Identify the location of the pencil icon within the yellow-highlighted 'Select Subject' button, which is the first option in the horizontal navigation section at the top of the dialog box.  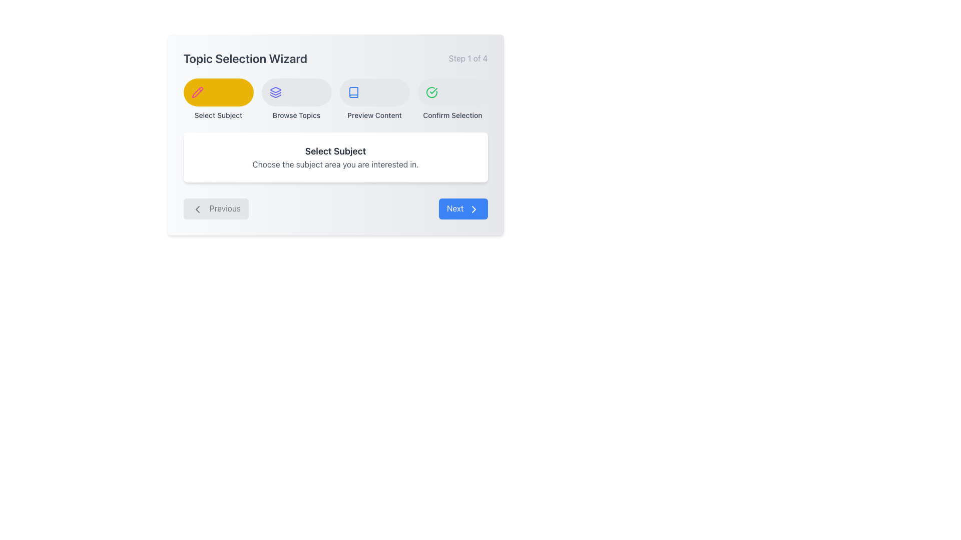
(197, 92).